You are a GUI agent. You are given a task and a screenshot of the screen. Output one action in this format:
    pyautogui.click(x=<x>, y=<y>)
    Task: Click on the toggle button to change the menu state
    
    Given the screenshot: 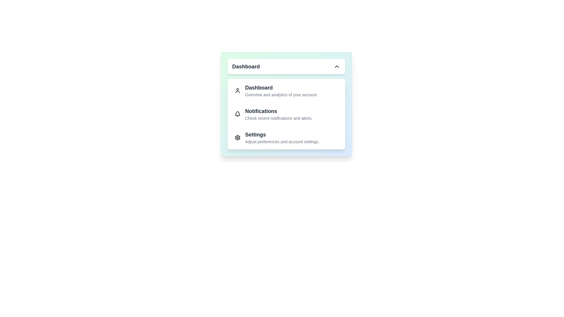 What is the action you would take?
    pyautogui.click(x=286, y=66)
    